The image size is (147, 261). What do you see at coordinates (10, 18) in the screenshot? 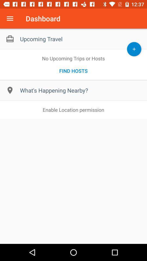
I see `app menu` at bounding box center [10, 18].